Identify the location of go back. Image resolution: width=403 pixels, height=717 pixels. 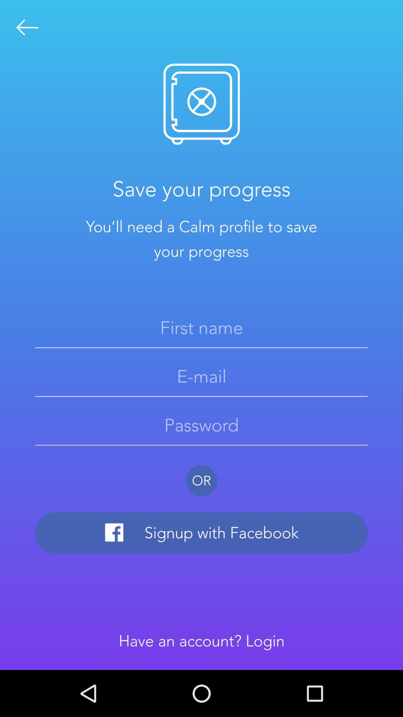
(27, 27).